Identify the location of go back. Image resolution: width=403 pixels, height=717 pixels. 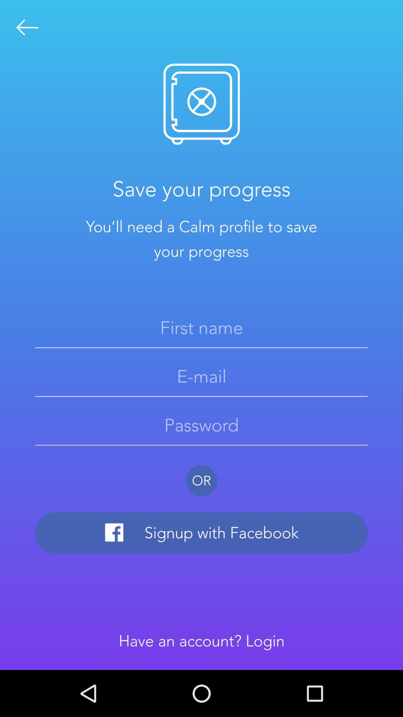
(27, 27).